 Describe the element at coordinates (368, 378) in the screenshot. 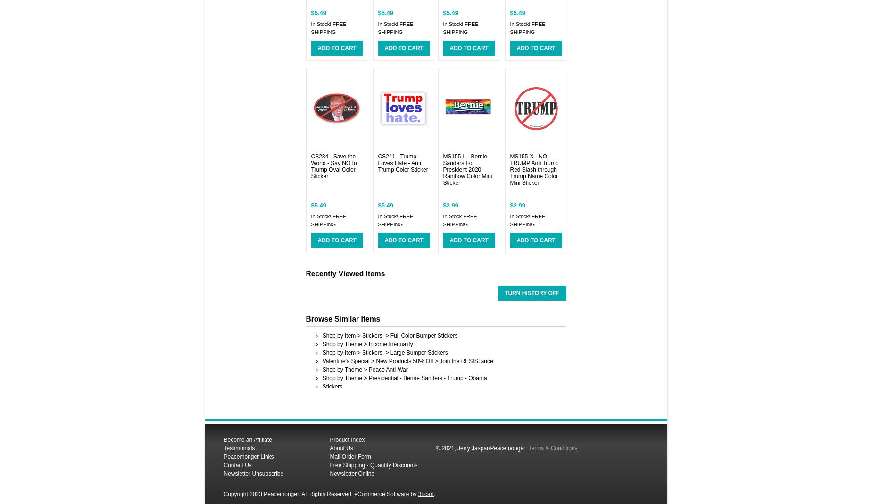

I see `'Presidential - Bernie Sanders - Trump - Obama'` at that location.